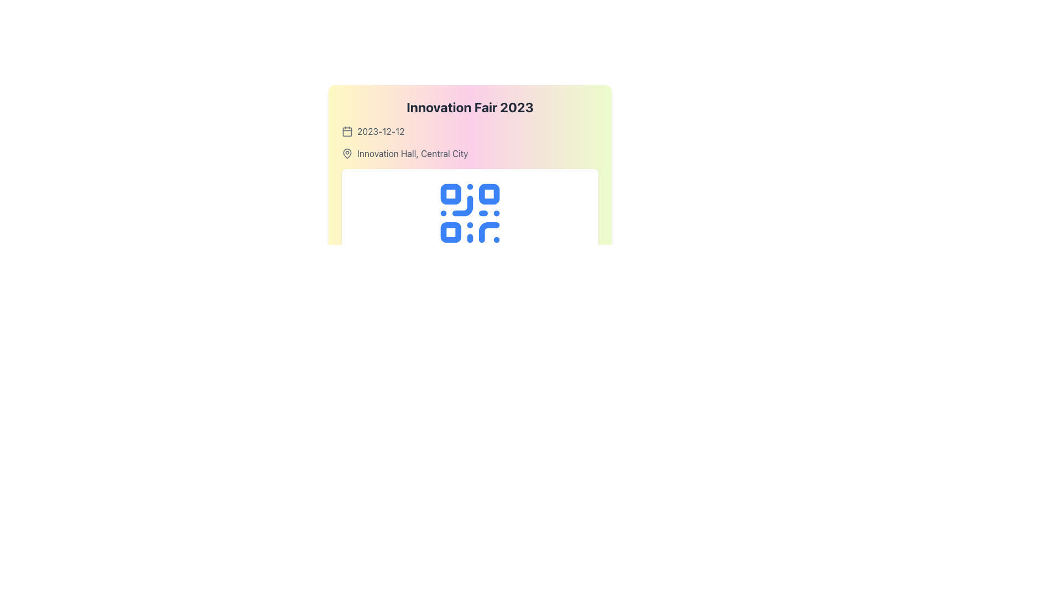  I want to click on the second rectangle element in the QR code visualization, which is part of an SVG graphic and rendered in blue, so click(488, 193).